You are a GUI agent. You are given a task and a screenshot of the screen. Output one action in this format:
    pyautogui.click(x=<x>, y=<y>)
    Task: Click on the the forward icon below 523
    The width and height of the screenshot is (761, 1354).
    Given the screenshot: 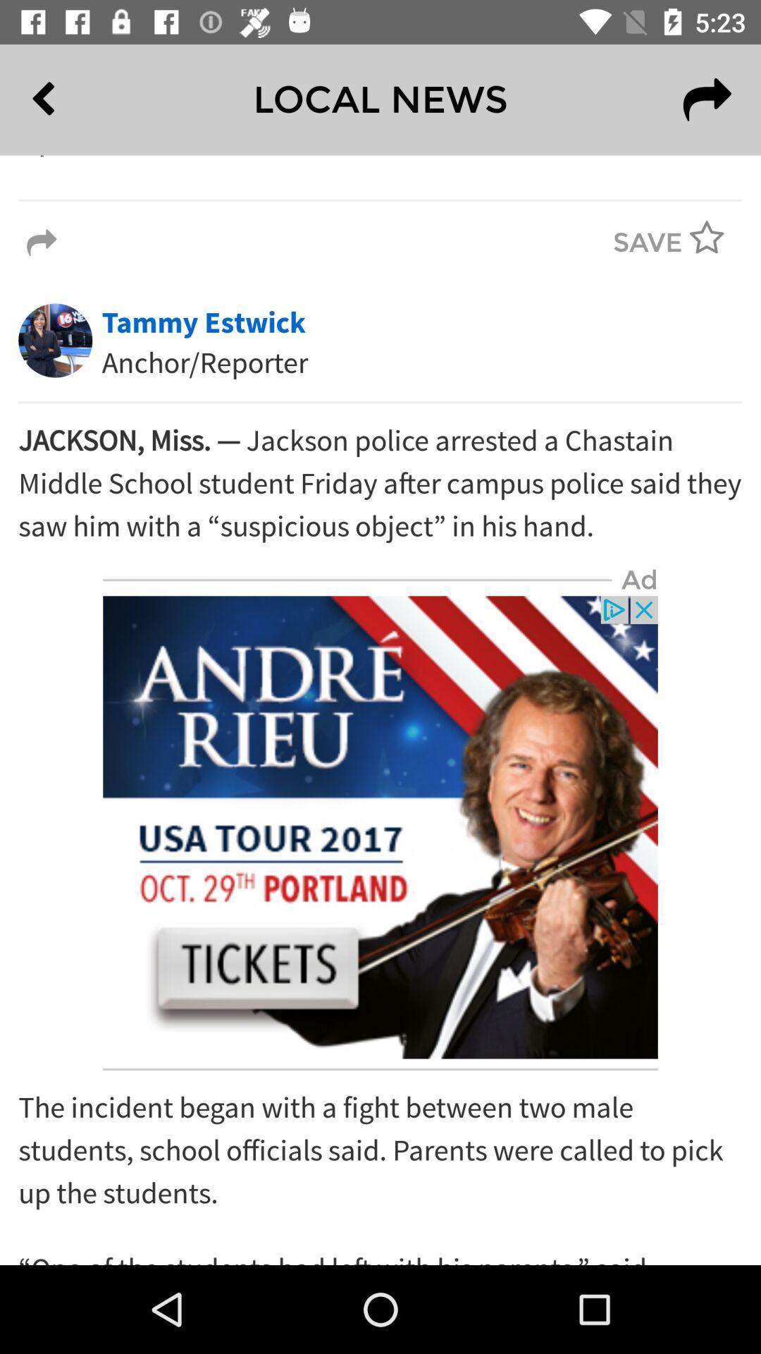 What is the action you would take?
    pyautogui.click(x=707, y=99)
    